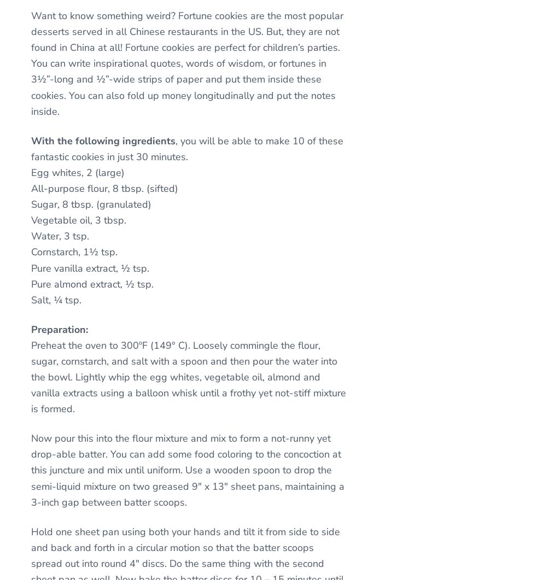  Describe the element at coordinates (74, 252) in the screenshot. I see `'Cornstarch, 1½ tsp.'` at that location.